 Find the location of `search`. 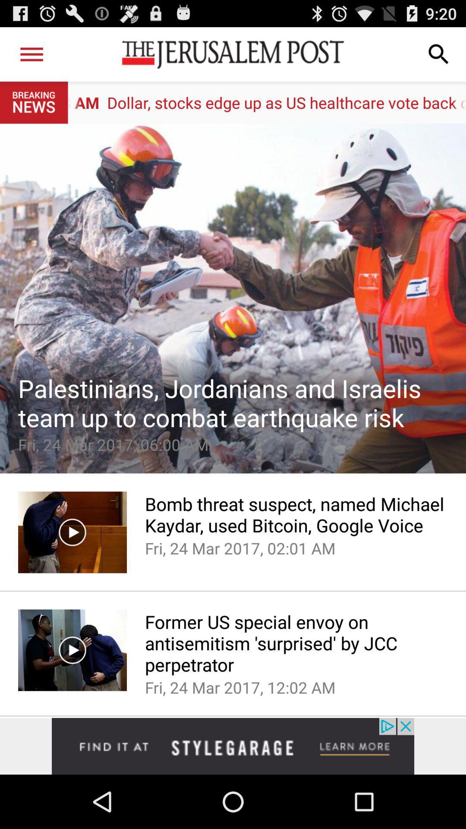

search is located at coordinates (439, 54).